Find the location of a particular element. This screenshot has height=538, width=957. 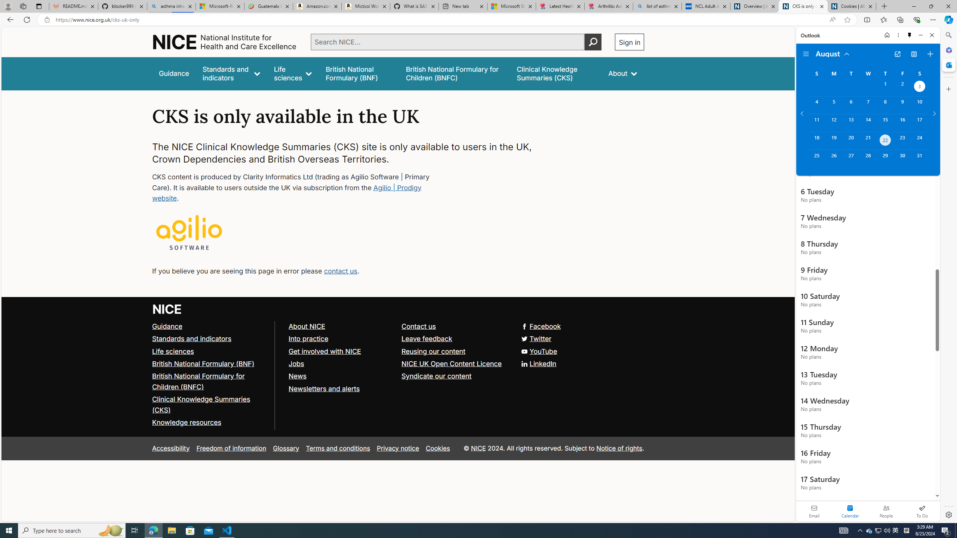

'Monday, August 12, 2024. ' is located at coordinates (833, 123).